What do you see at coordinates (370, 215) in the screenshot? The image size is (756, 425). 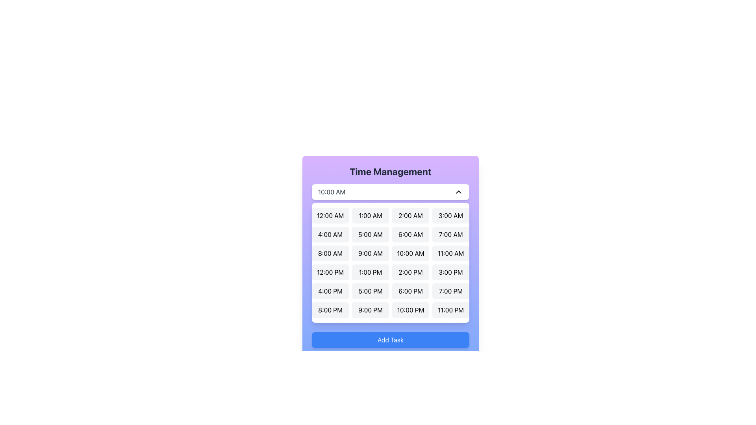 I see `the '1:00 AM' time selection button in the time selection widget` at bounding box center [370, 215].